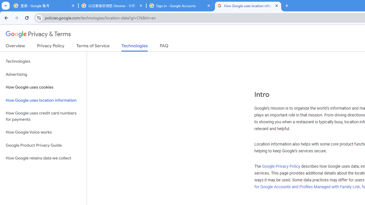 The image size is (365, 205). Describe the element at coordinates (43, 132) in the screenshot. I see `'How Google Voice works'` at that location.